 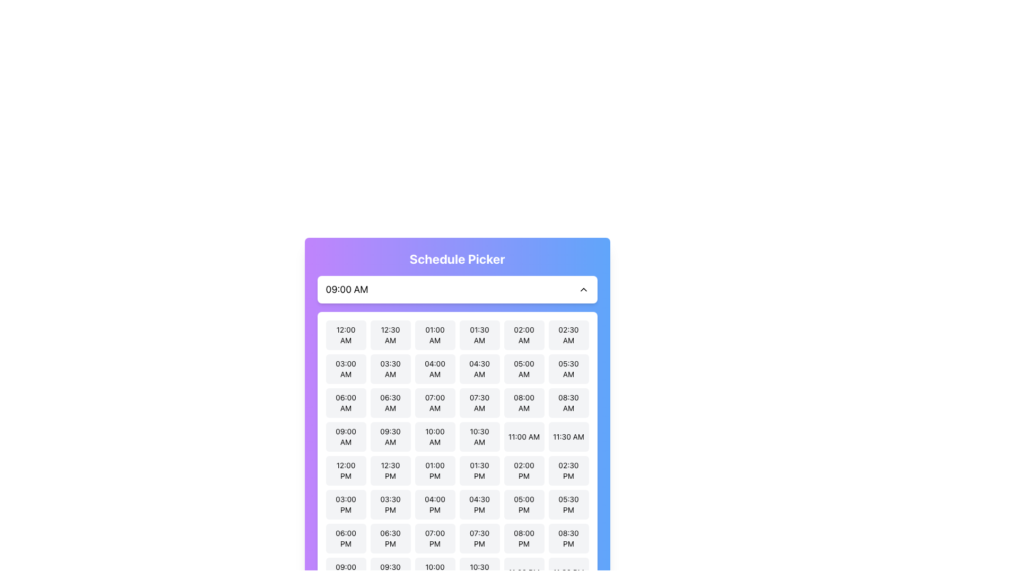 What do you see at coordinates (390, 539) in the screenshot?
I see `the button displaying '06:30 PM' to observe the hover effect` at bounding box center [390, 539].